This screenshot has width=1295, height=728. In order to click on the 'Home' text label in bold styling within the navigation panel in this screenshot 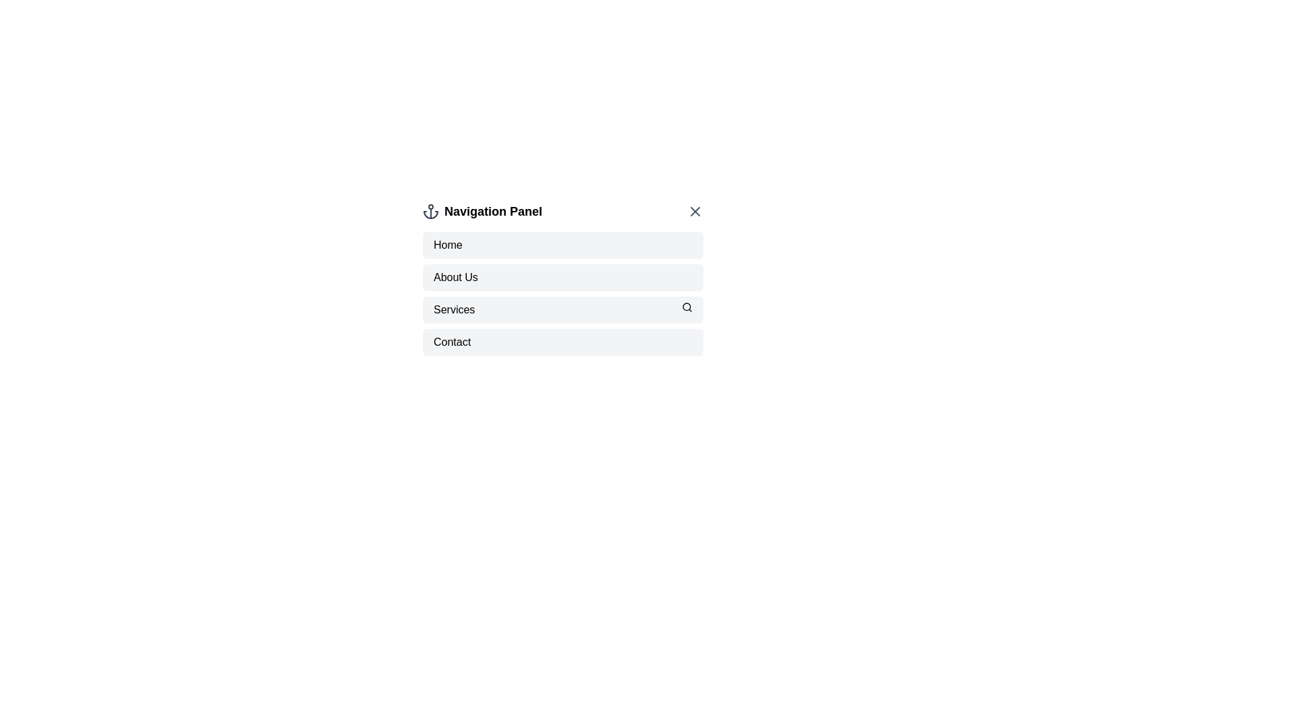, I will do `click(448, 245)`.